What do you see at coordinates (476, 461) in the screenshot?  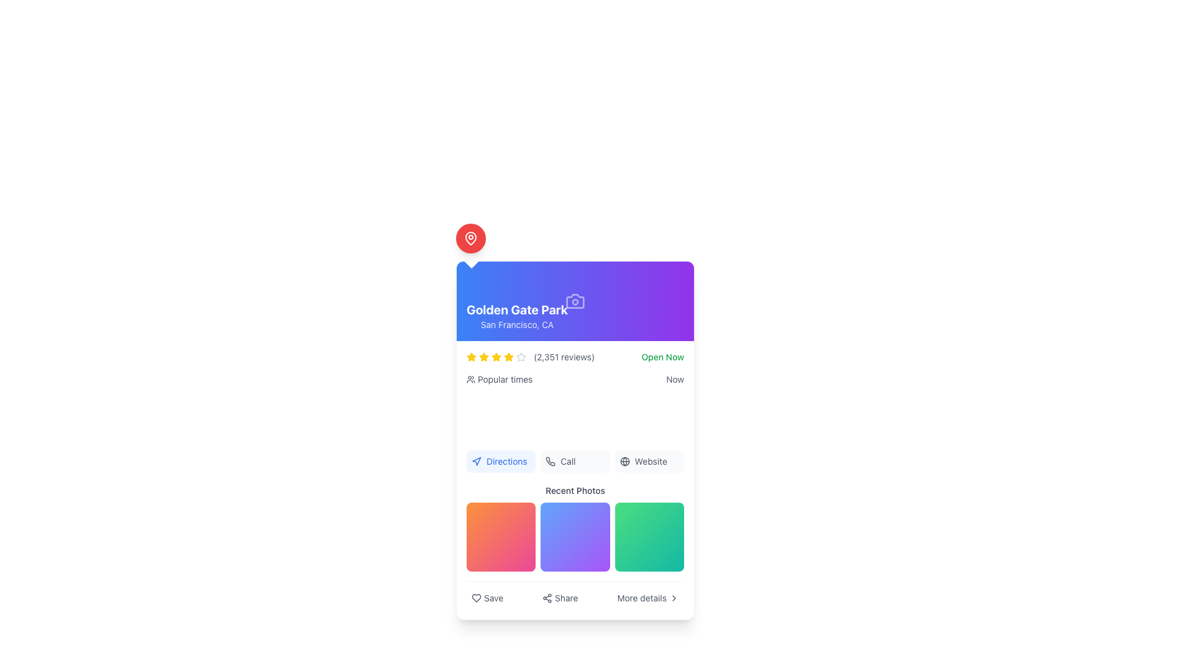 I see `the directional marker icon located in the top left corner of the card` at bounding box center [476, 461].